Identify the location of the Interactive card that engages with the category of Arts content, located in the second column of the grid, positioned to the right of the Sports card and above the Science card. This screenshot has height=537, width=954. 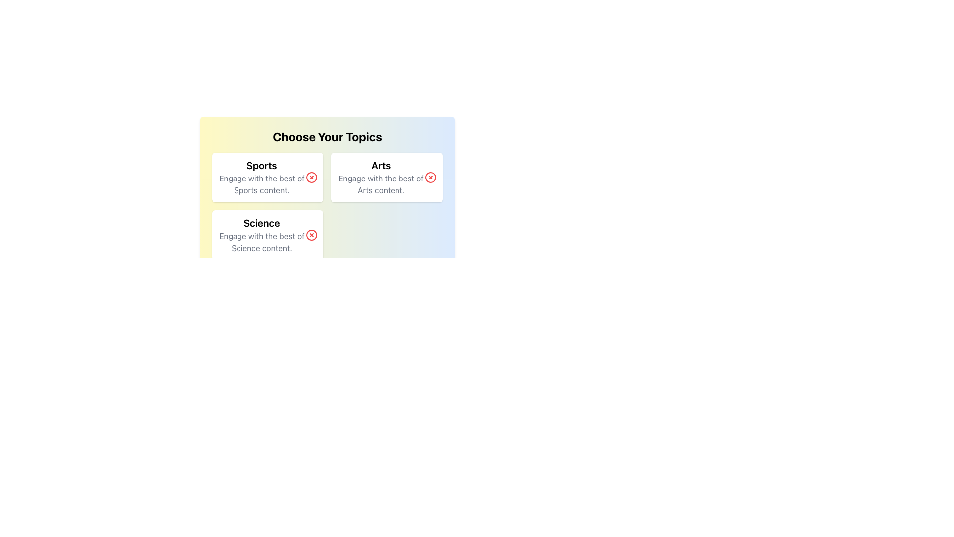
(386, 177).